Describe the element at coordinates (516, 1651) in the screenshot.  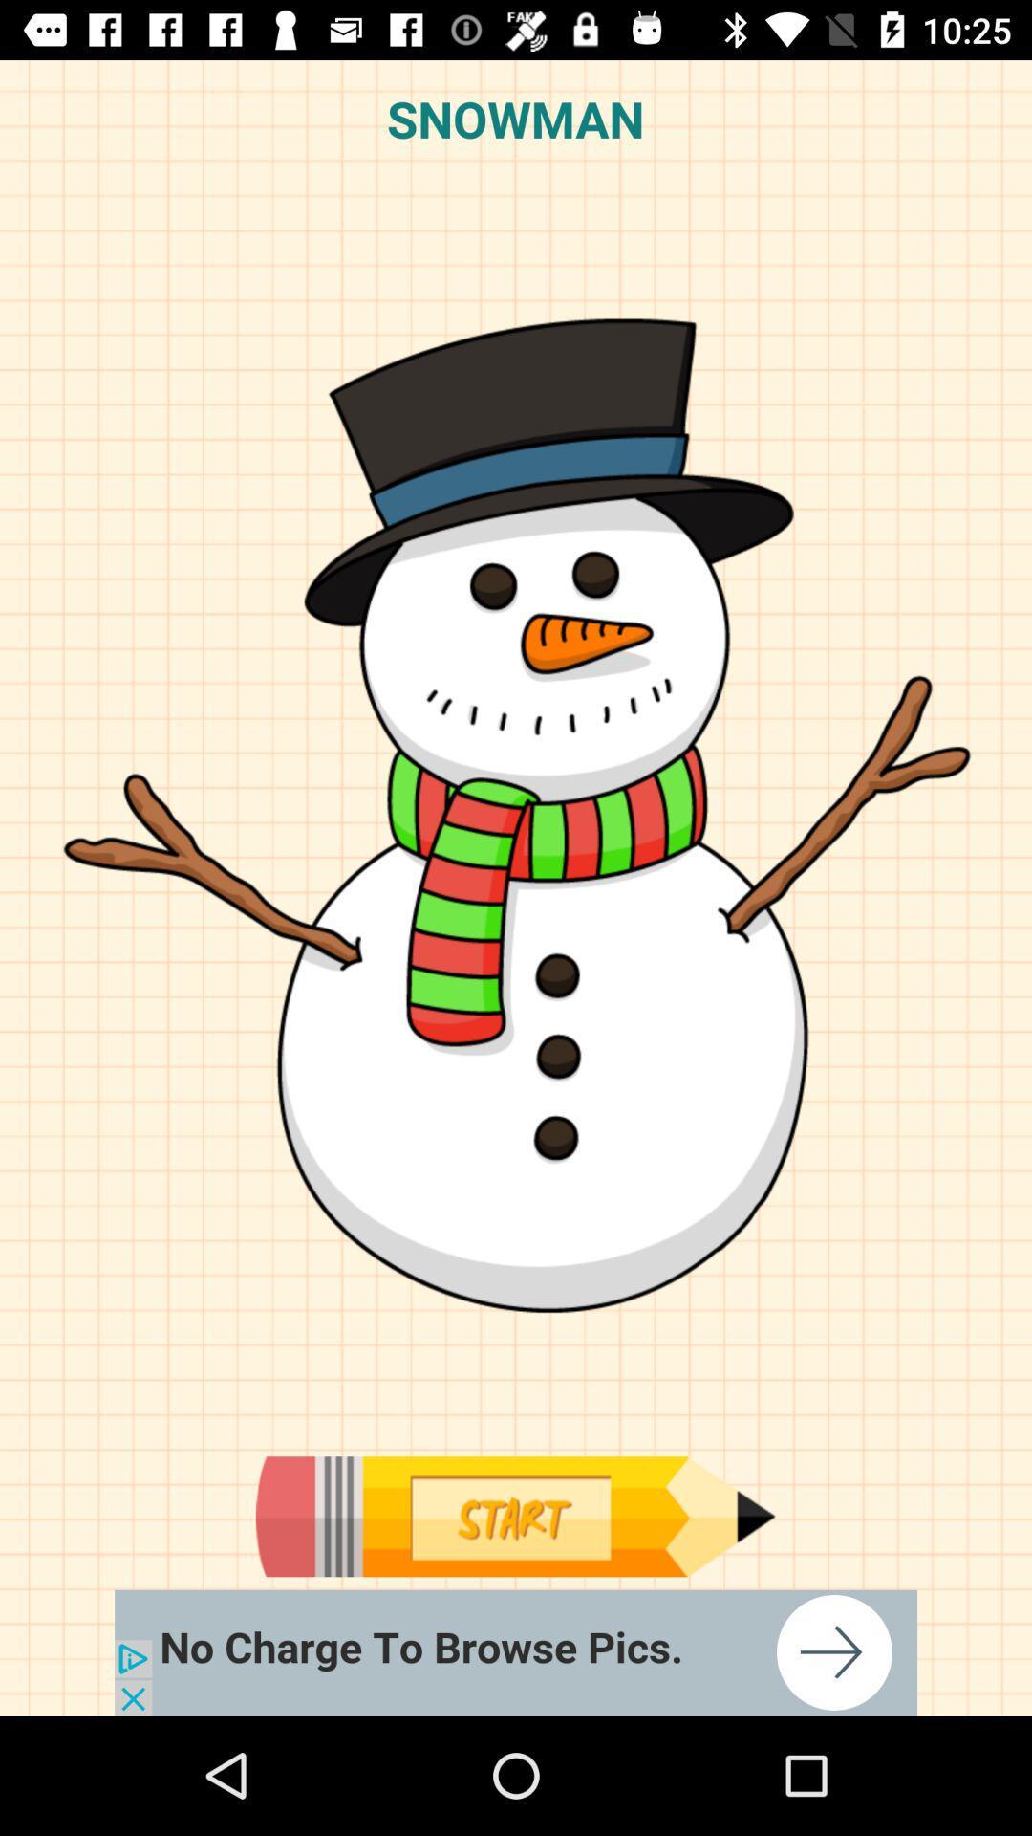
I see `advertisement link image` at that location.